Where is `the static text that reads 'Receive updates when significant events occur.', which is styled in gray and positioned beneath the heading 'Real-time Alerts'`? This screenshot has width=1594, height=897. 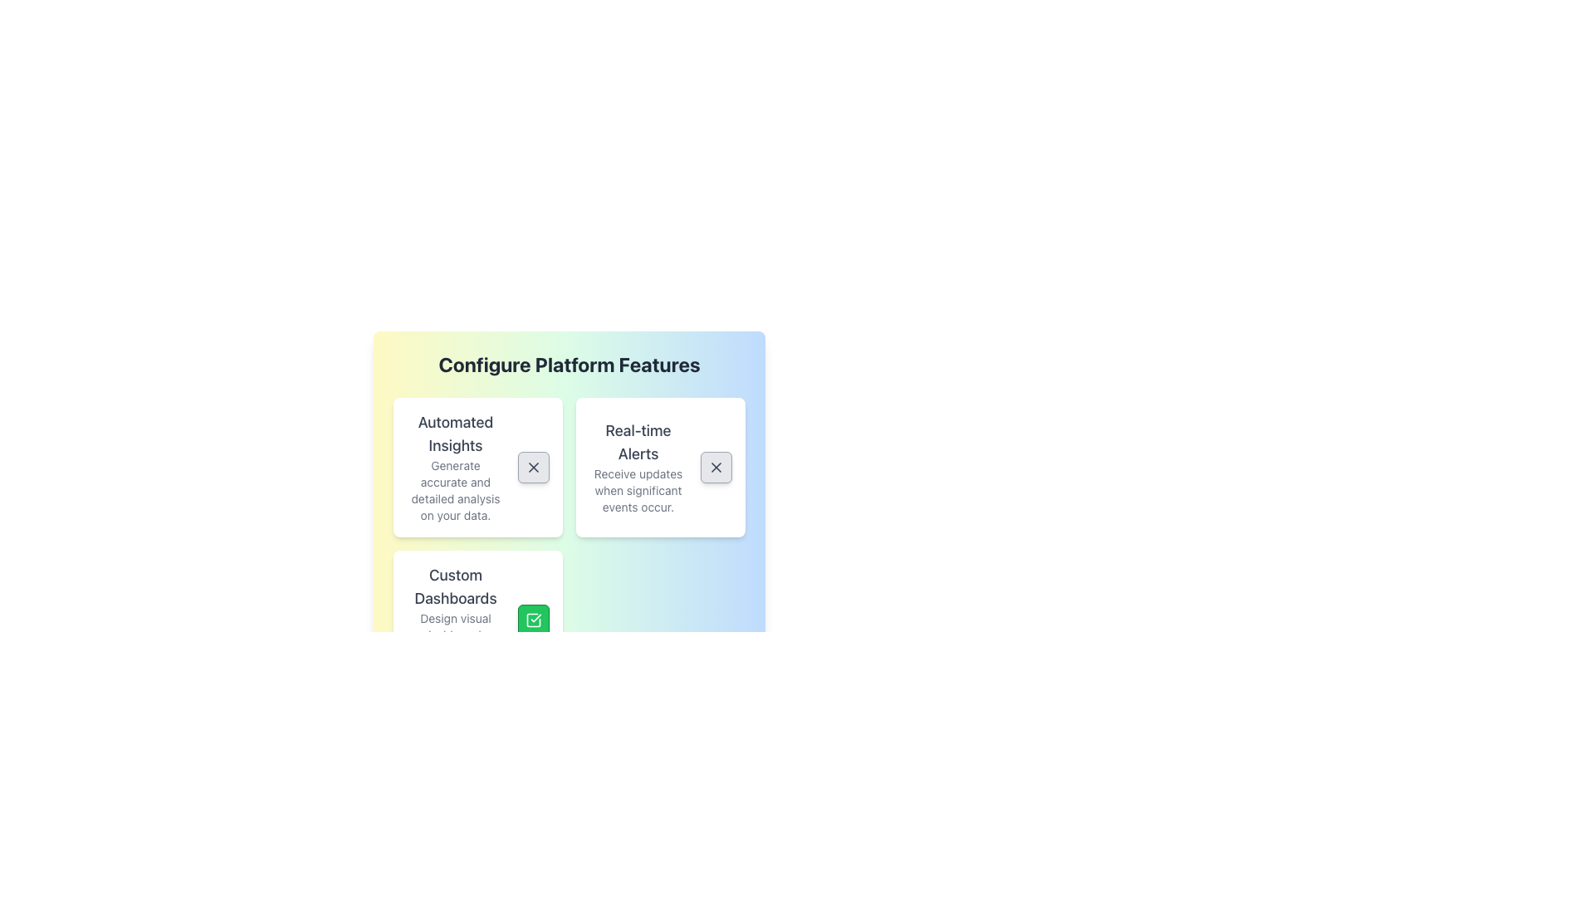
the static text that reads 'Receive updates when significant events occur.', which is styled in gray and positioned beneath the heading 'Real-time Alerts' is located at coordinates (637, 489).